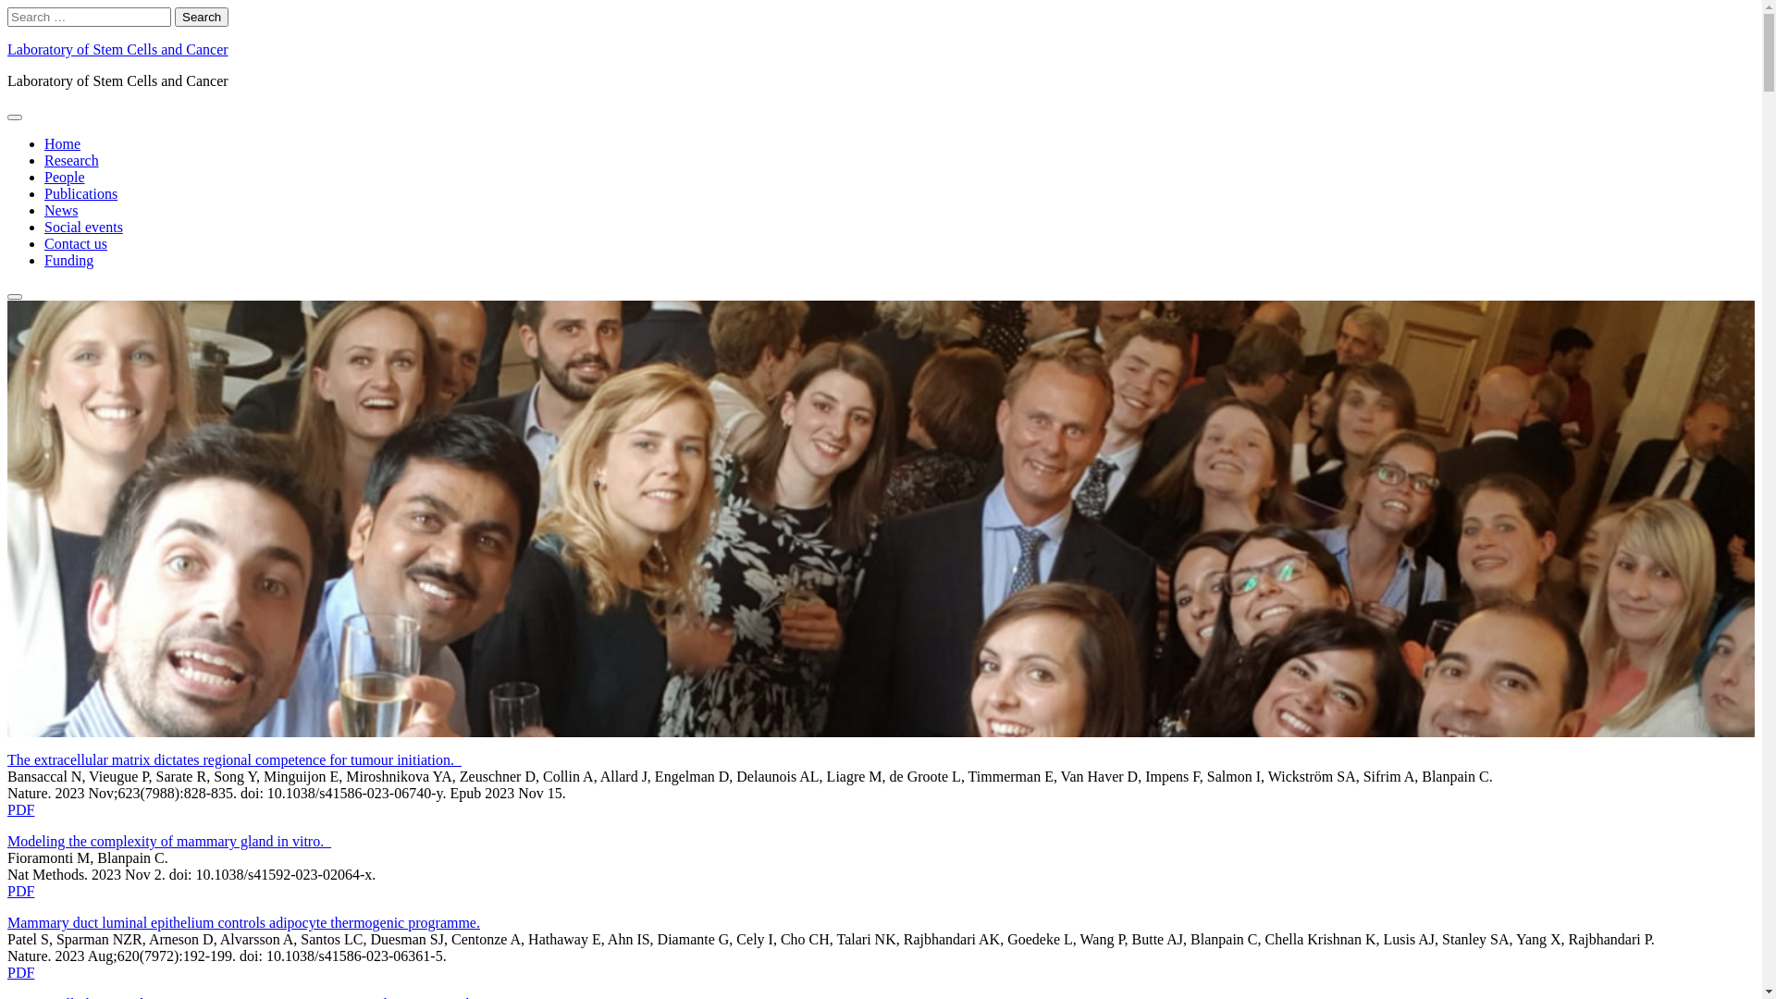 The width and height of the screenshot is (1776, 999). What do you see at coordinates (71, 159) in the screenshot?
I see `'Research'` at bounding box center [71, 159].